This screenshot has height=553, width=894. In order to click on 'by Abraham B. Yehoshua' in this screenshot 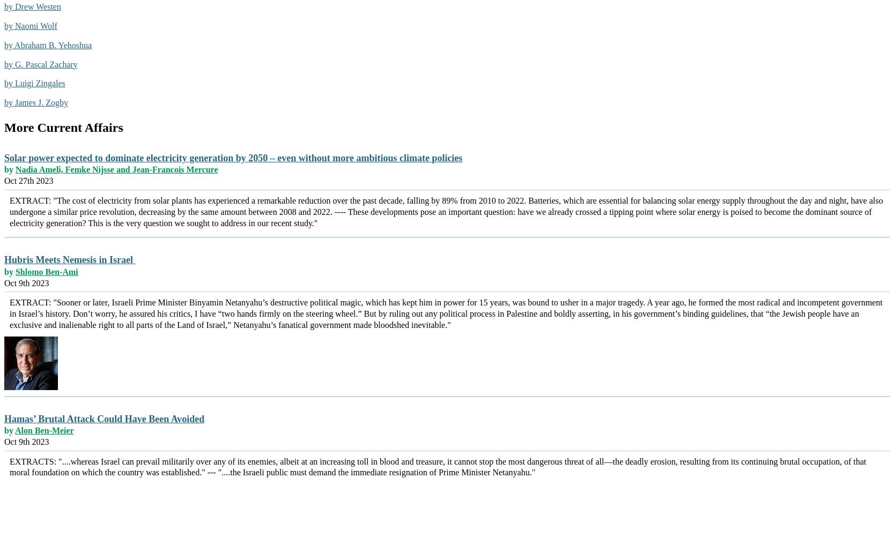, I will do `click(47, 44)`.